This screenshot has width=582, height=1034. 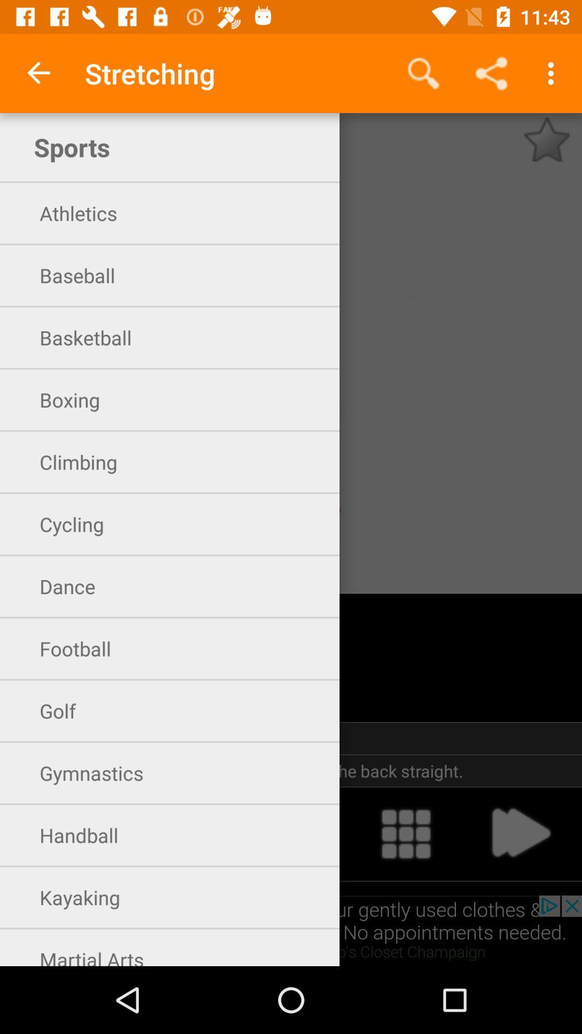 I want to click on to favorites, so click(x=546, y=139).